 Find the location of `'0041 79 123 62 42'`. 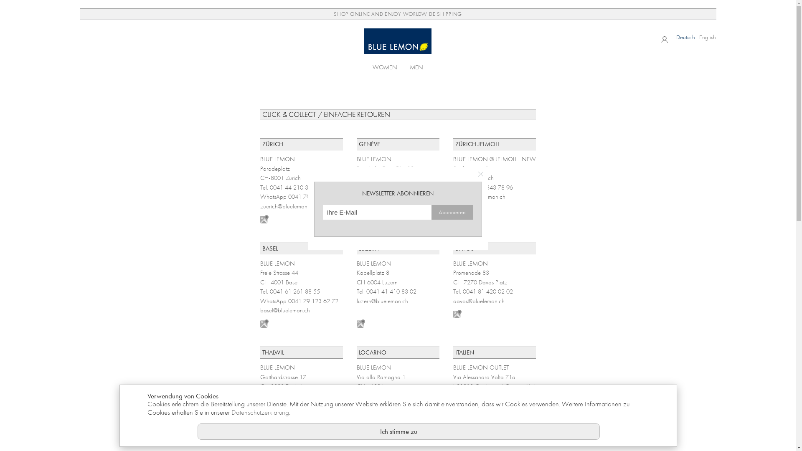

'0041 79 123 62 42' is located at coordinates (312, 196).